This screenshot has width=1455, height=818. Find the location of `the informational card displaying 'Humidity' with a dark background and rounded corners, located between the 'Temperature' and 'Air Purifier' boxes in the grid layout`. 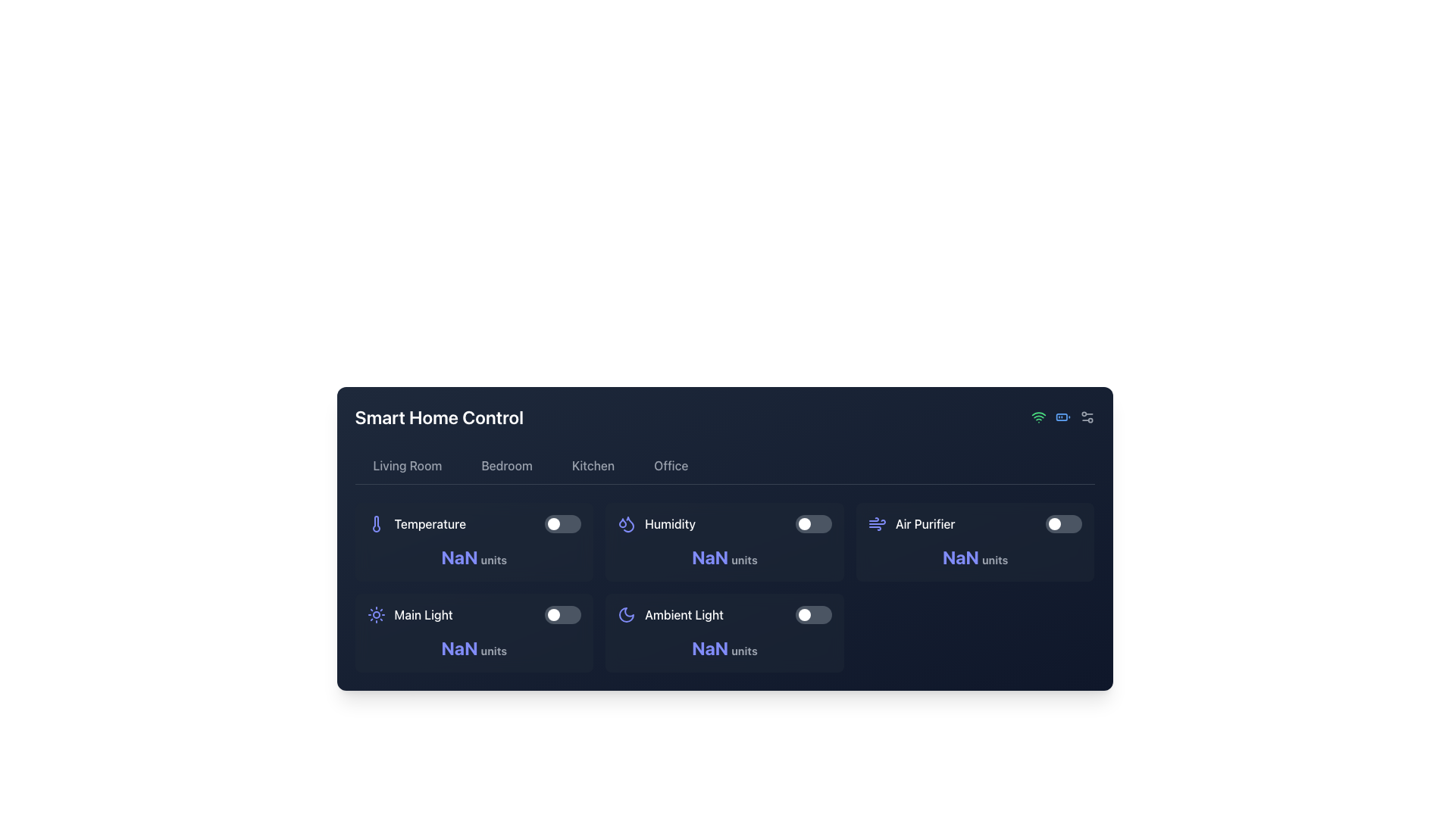

the informational card displaying 'Humidity' with a dark background and rounded corners, located between the 'Temperature' and 'Air Purifier' boxes in the grid layout is located at coordinates (724, 542).